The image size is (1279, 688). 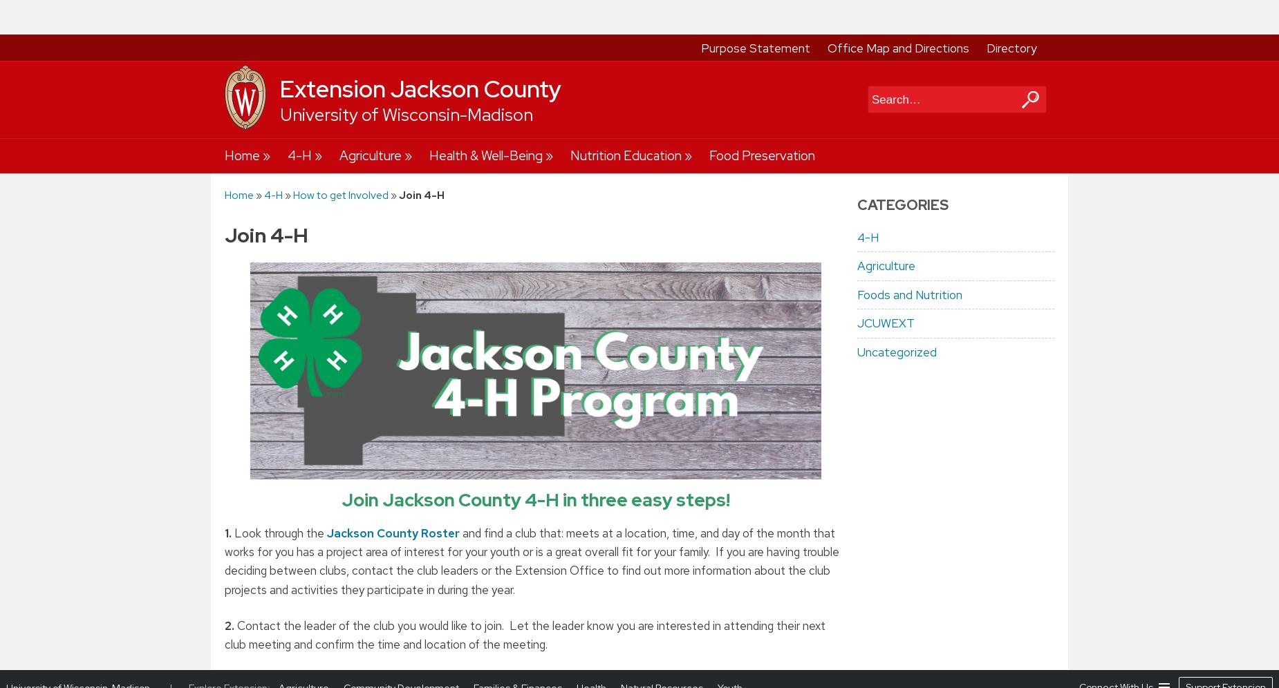 I want to click on 'The re-enrollment process begins in September and ends on November 1st.  If you have been in 4-H, you will need to complete the re-enrollment process every year to stay classified as a member.  Here are the steps to completing the circle:', so click(x=525, y=338).